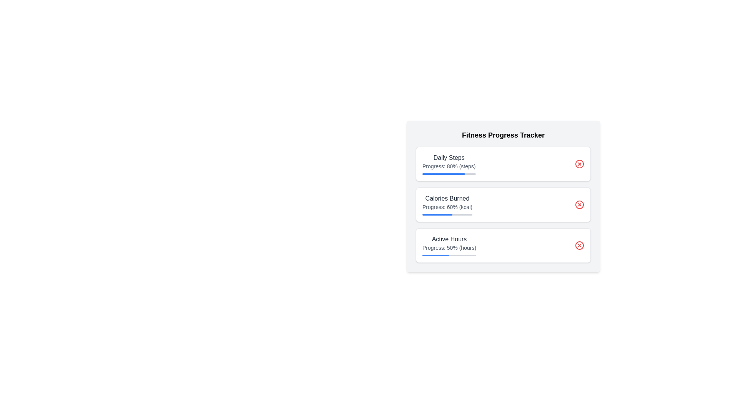 The image size is (738, 415). Describe the element at coordinates (435, 255) in the screenshot. I see `the blue horizontal progress bar indicating progress within the 'Fitness Progress Tracker' card located at the bottom of the 'Active Hours' section` at that location.